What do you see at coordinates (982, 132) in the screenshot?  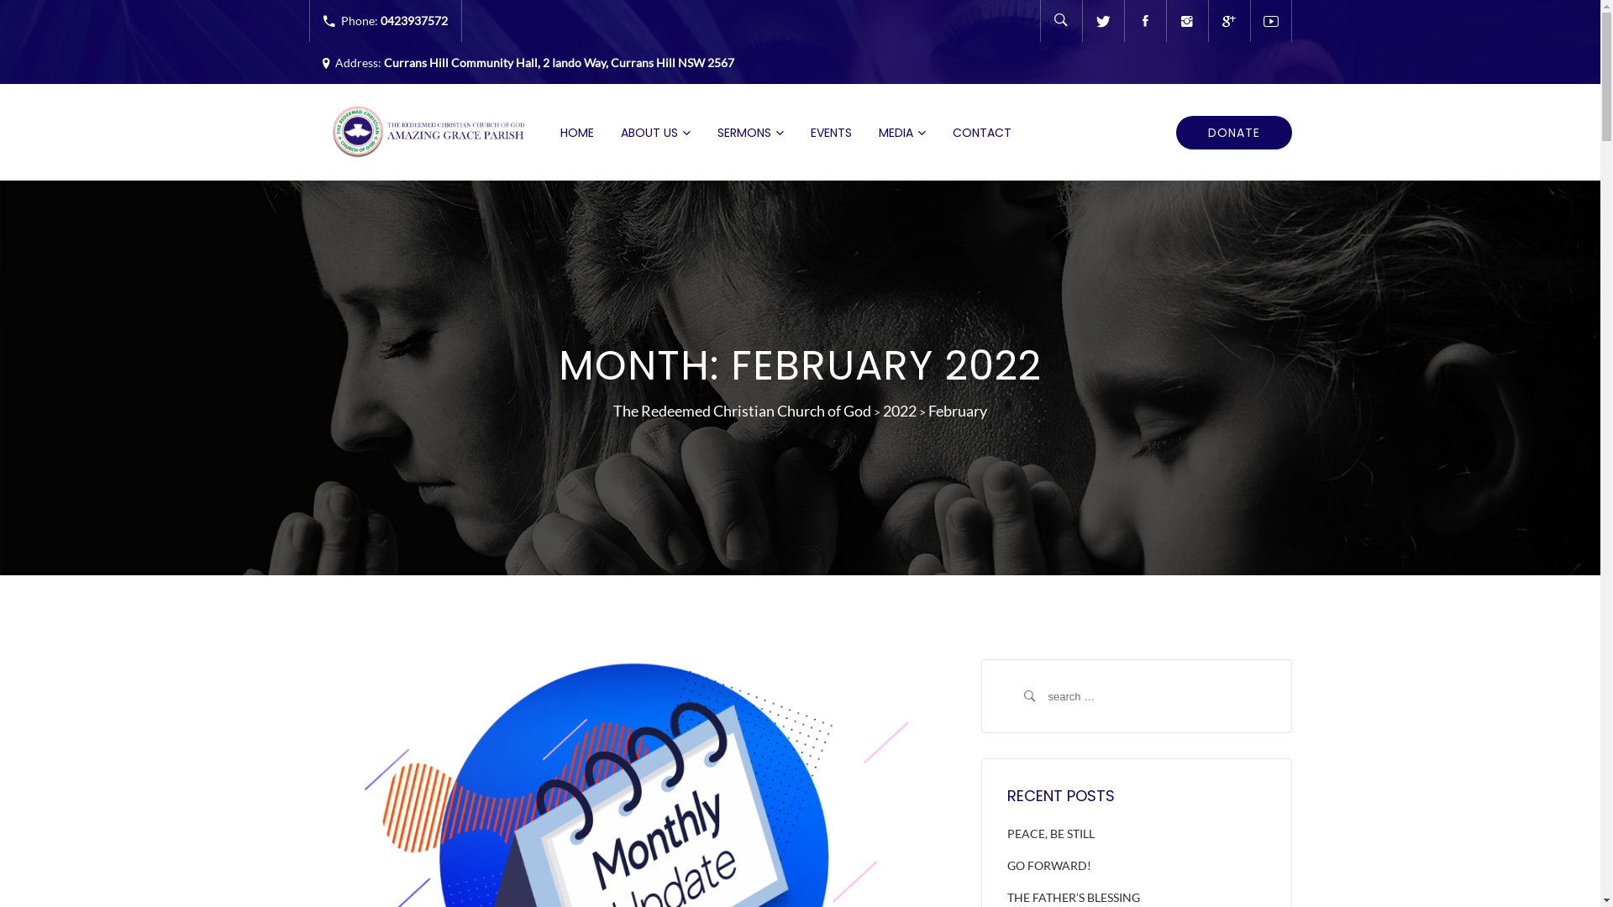 I see `'CONTACT'` at bounding box center [982, 132].